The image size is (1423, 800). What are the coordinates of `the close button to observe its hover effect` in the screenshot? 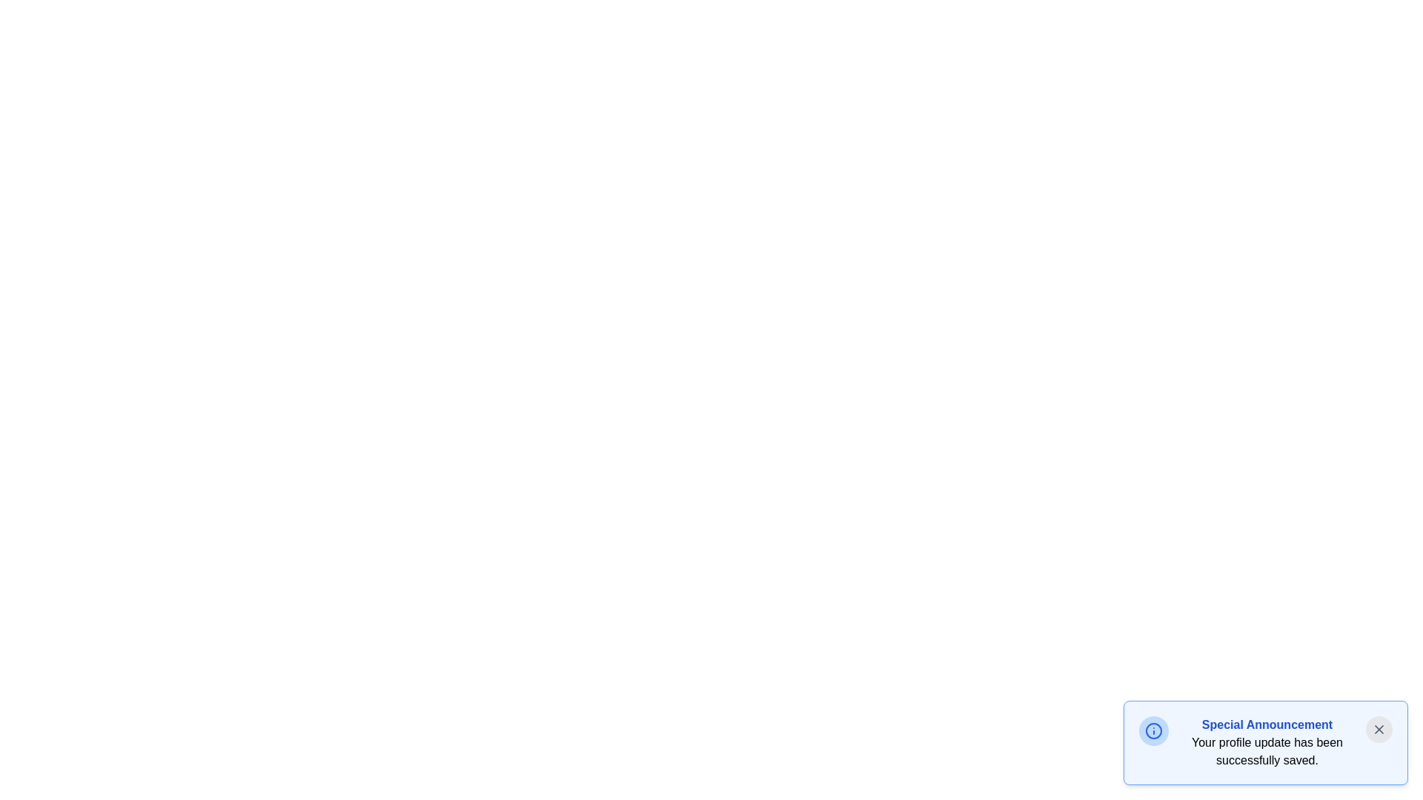 It's located at (1379, 728).